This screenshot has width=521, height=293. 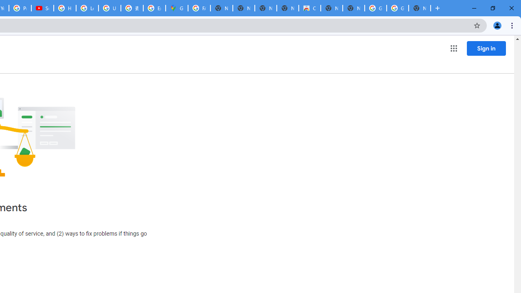 I want to click on 'Google Maps', so click(x=176, y=8).